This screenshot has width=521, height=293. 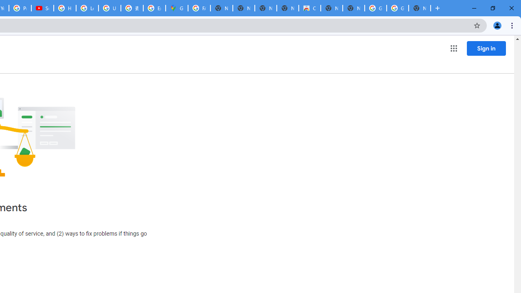 I want to click on 'Google Maps', so click(x=176, y=8).